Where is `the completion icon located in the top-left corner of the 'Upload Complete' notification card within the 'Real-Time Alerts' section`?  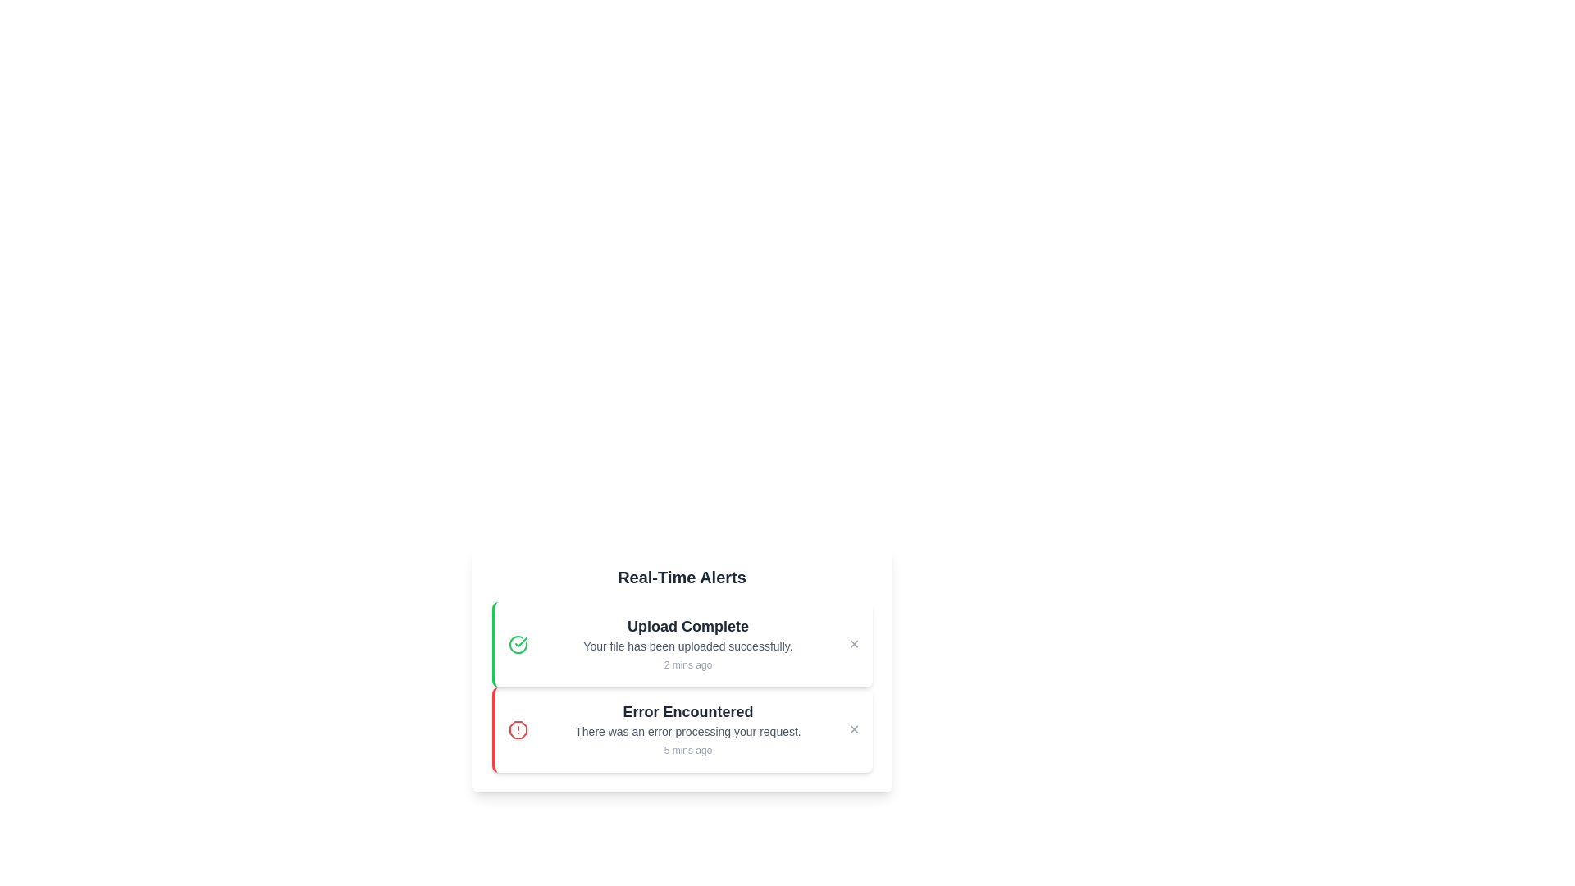
the completion icon located in the top-left corner of the 'Upload Complete' notification card within the 'Real-Time Alerts' section is located at coordinates (517, 644).